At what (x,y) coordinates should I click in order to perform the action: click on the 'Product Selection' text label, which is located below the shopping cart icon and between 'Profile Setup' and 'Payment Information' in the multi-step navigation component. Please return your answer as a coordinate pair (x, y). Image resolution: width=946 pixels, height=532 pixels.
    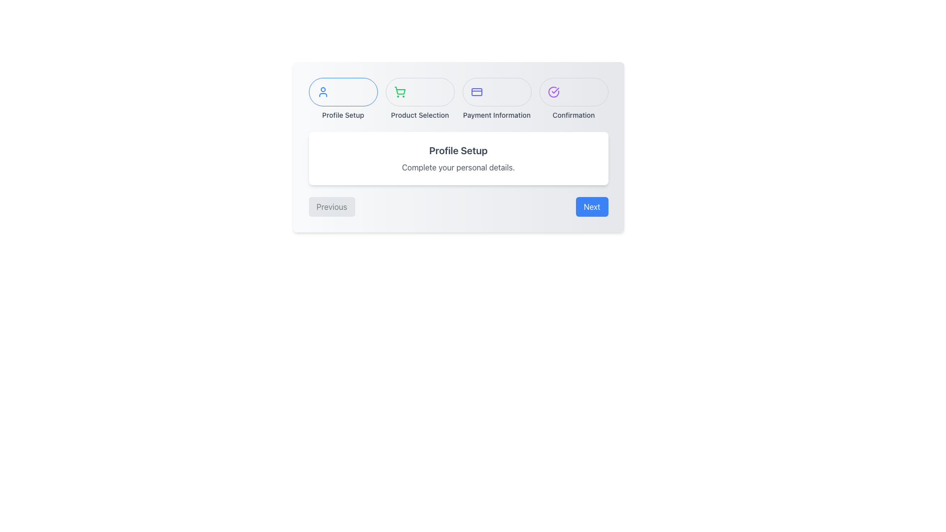
    Looking at the image, I should click on (420, 115).